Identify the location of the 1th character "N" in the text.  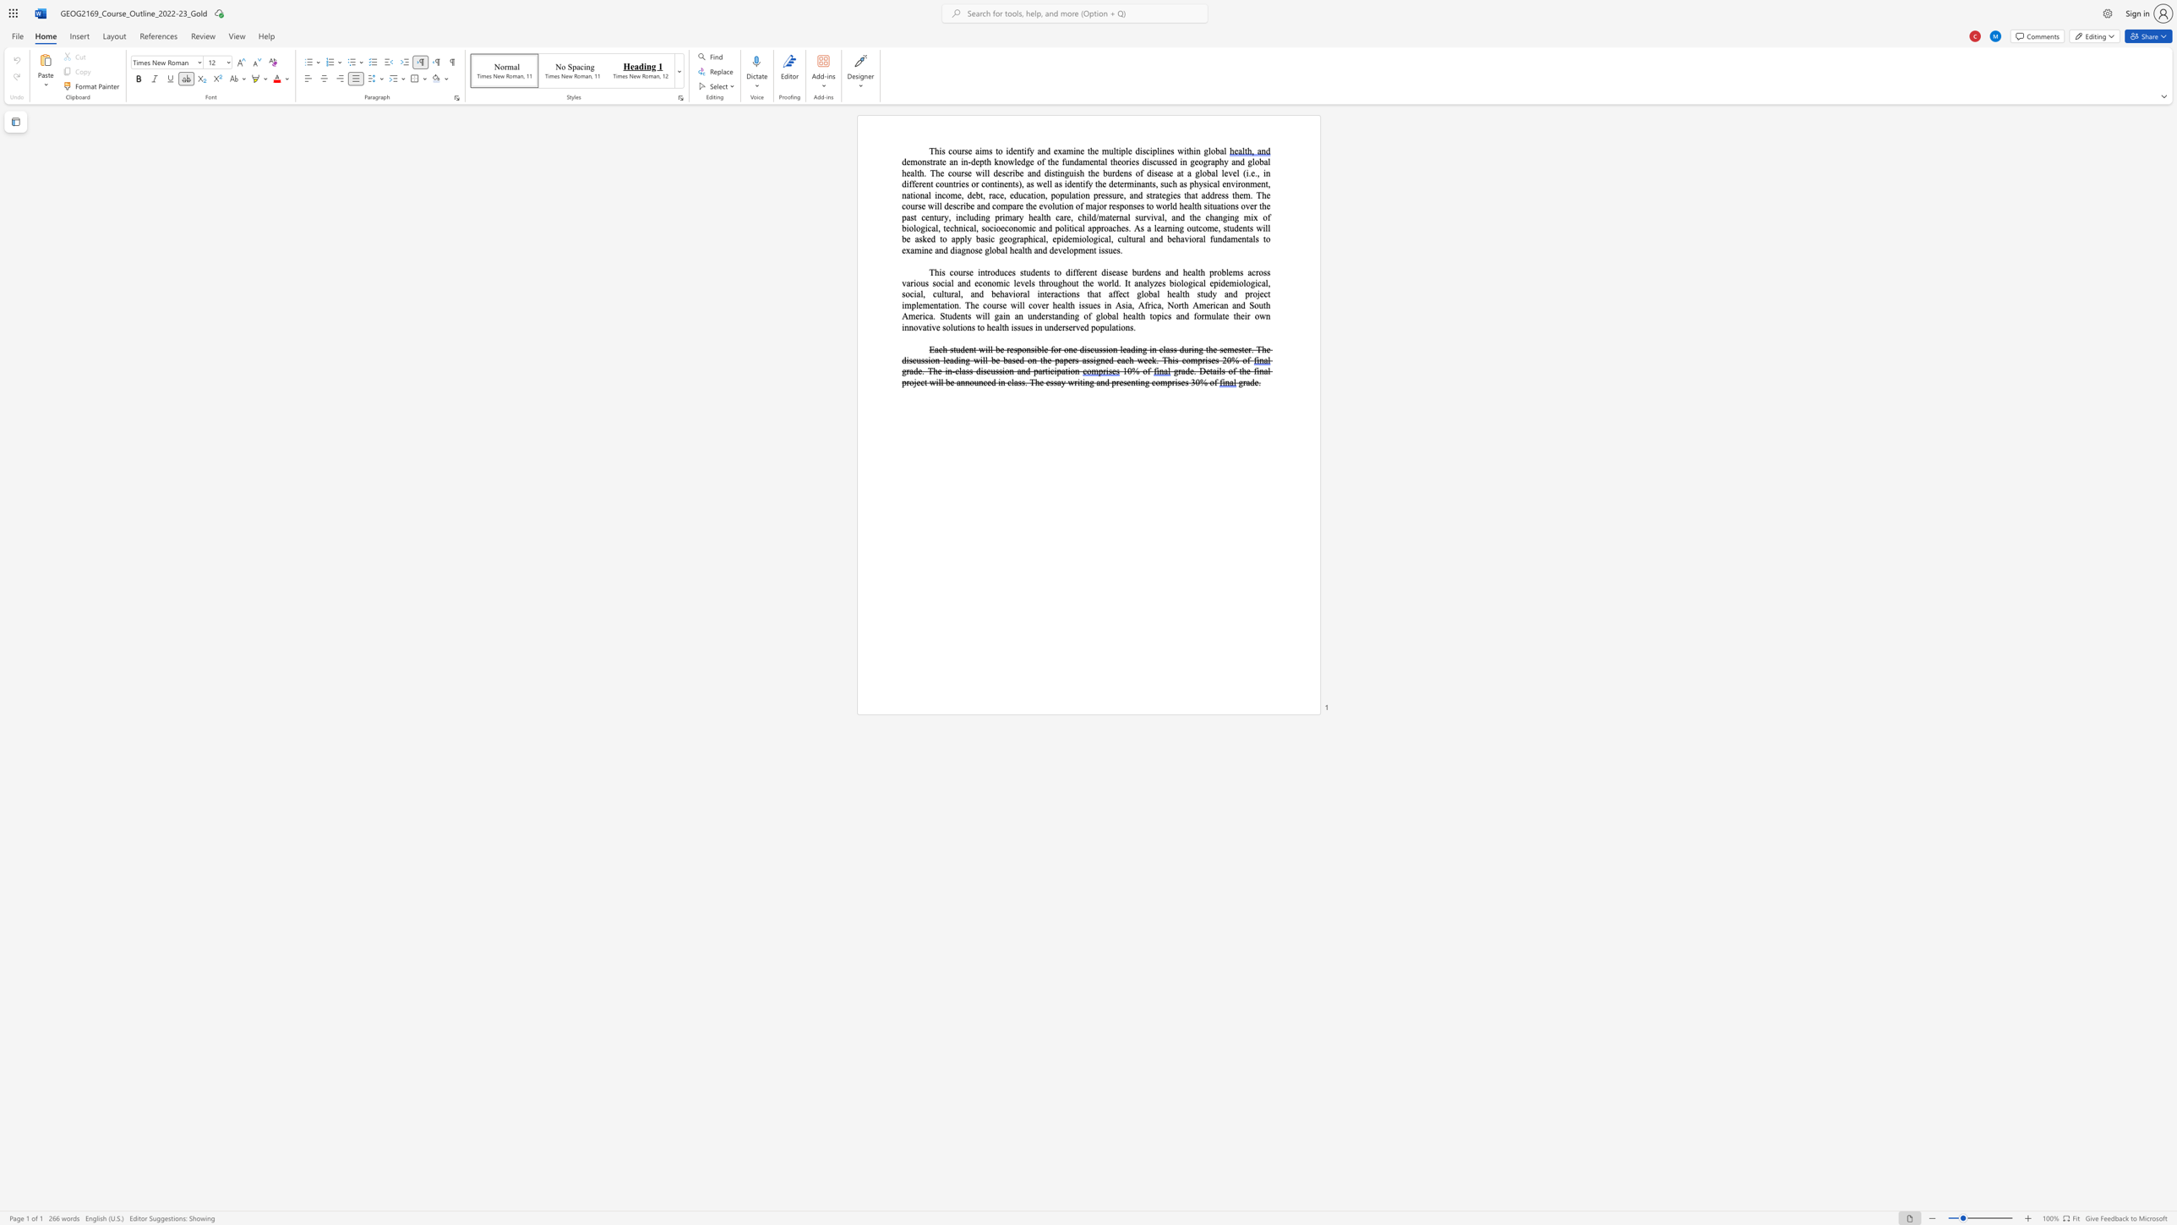
(1170, 305).